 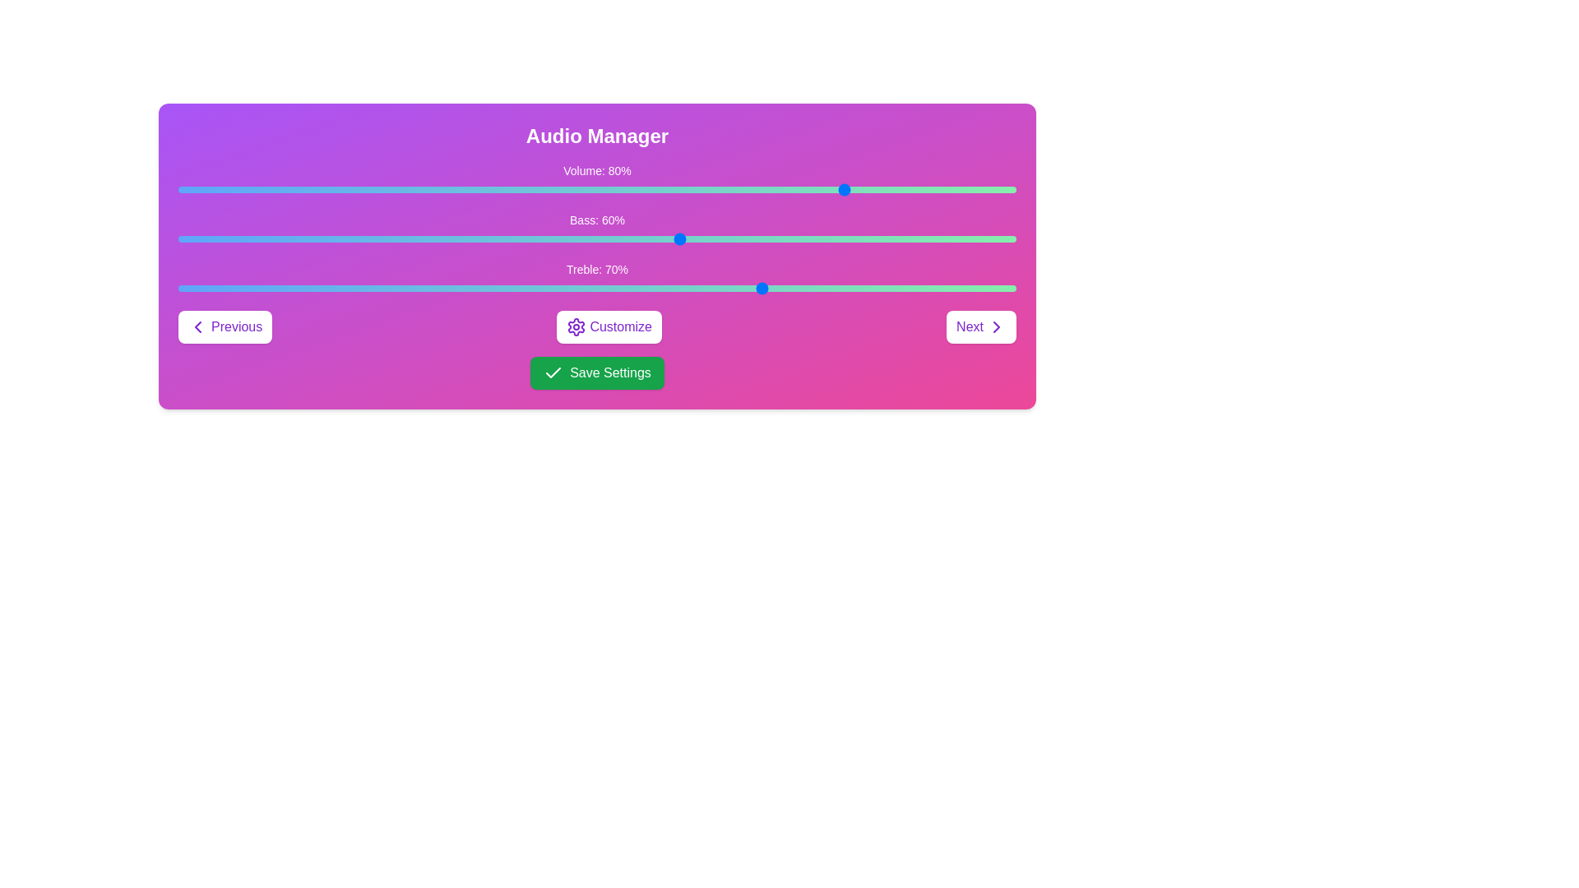 I want to click on the 'Next' button containing the right-oriented arrow icon for navigation, so click(x=995, y=326).